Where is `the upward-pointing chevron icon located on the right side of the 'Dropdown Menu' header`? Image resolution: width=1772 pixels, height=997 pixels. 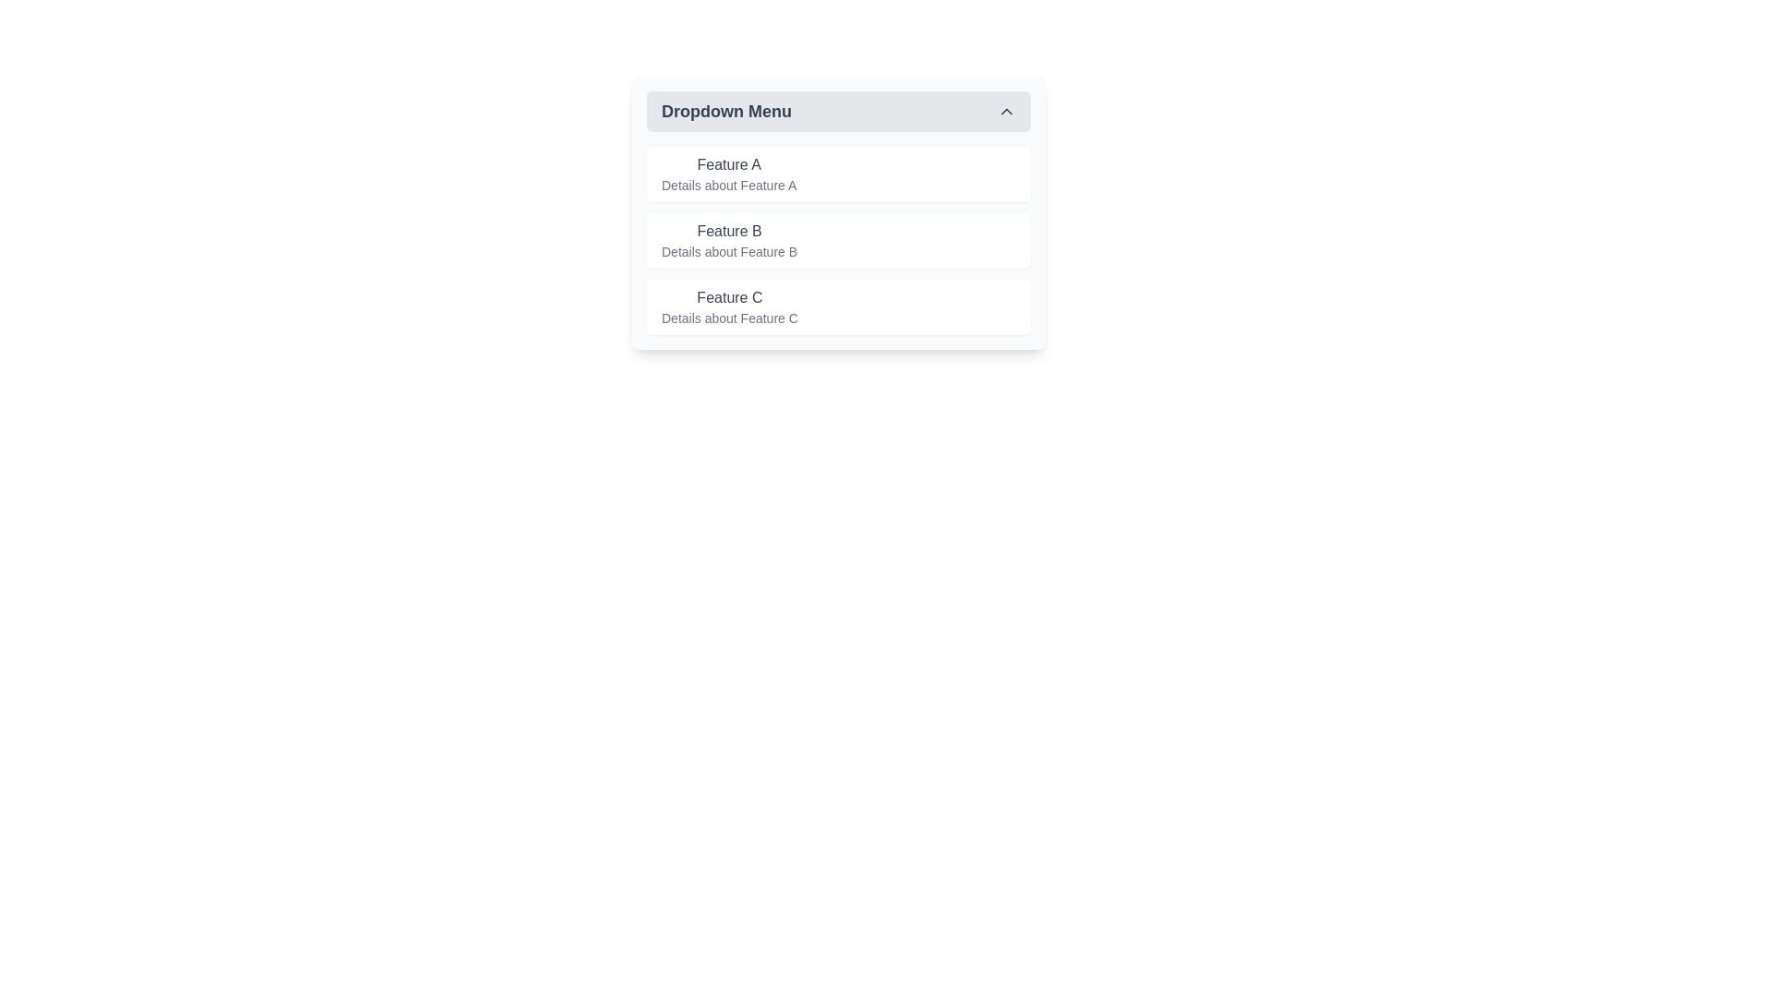 the upward-pointing chevron icon located on the right side of the 'Dropdown Menu' header is located at coordinates (1005, 111).